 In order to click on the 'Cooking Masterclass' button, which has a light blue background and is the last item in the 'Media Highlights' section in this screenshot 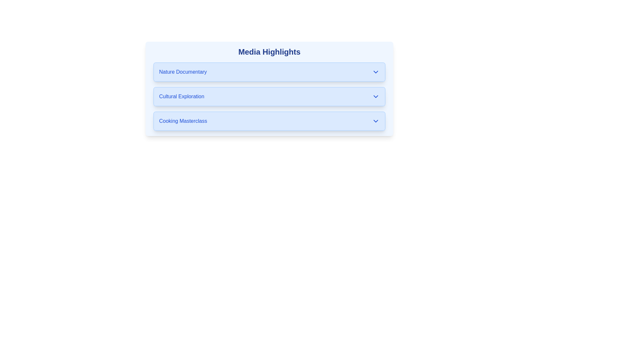, I will do `click(269, 121)`.